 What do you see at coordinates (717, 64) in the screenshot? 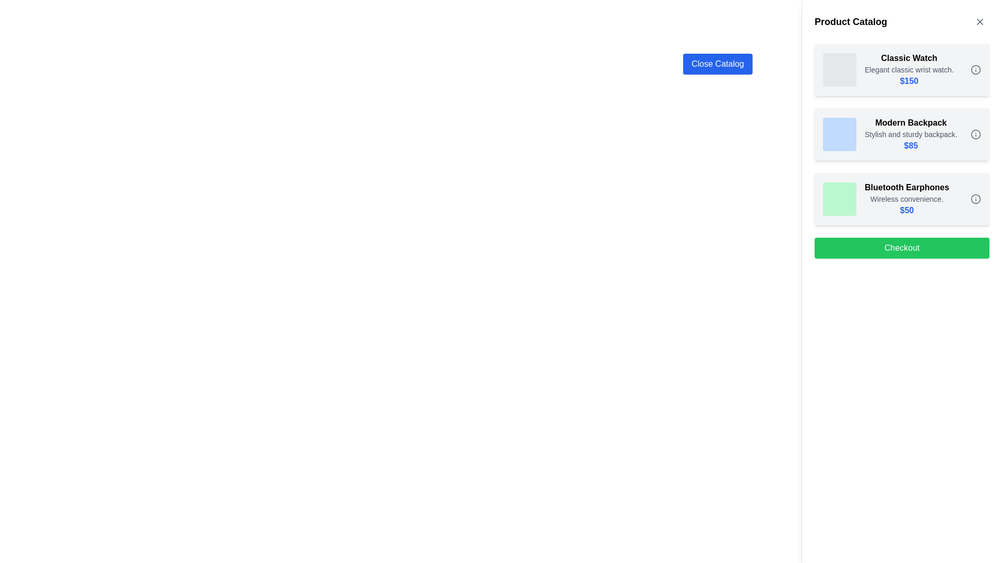
I see `the close button located near the top of the right-side panel` at bounding box center [717, 64].